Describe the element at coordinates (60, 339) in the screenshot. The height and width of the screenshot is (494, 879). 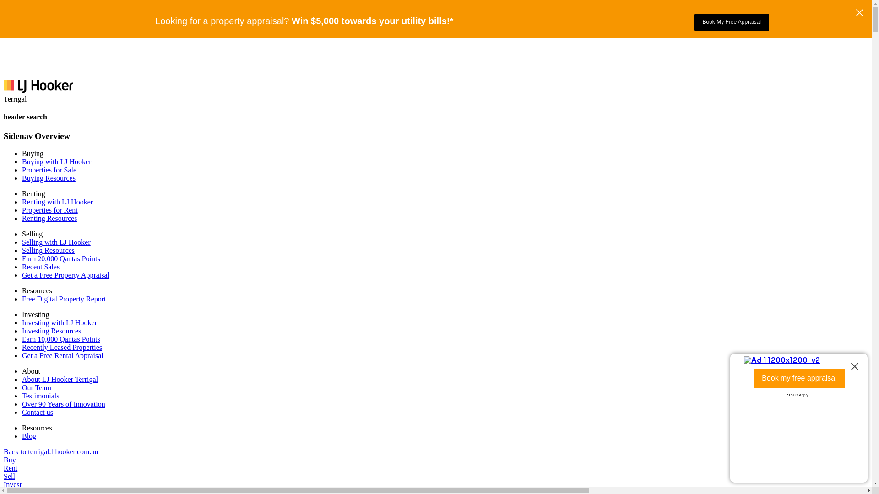
I see `'Earn 10,000 Qantas Points'` at that location.